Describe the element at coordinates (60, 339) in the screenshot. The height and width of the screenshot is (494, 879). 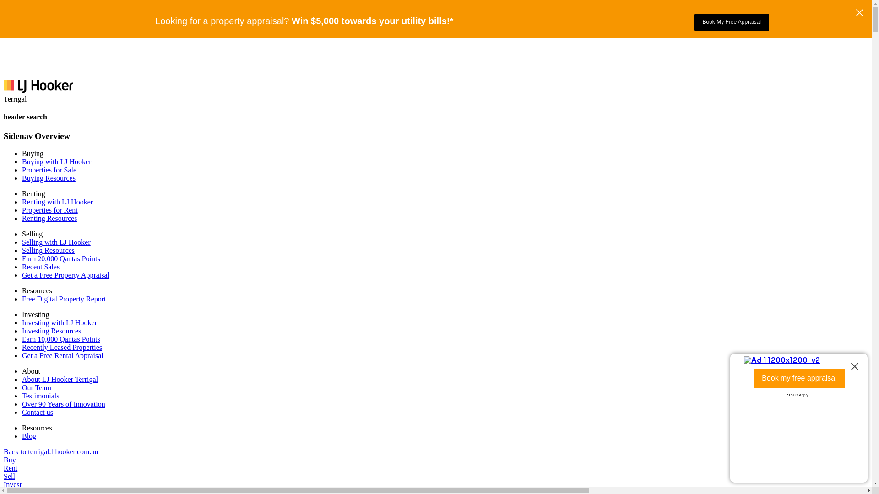
I see `'Earn 10,000 Qantas Points'` at that location.